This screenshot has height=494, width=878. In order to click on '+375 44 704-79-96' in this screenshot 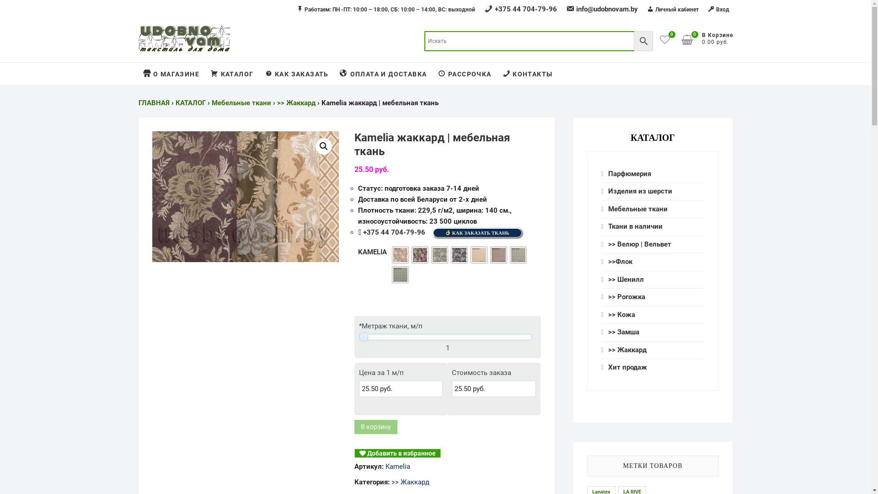, I will do `click(520, 9)`.